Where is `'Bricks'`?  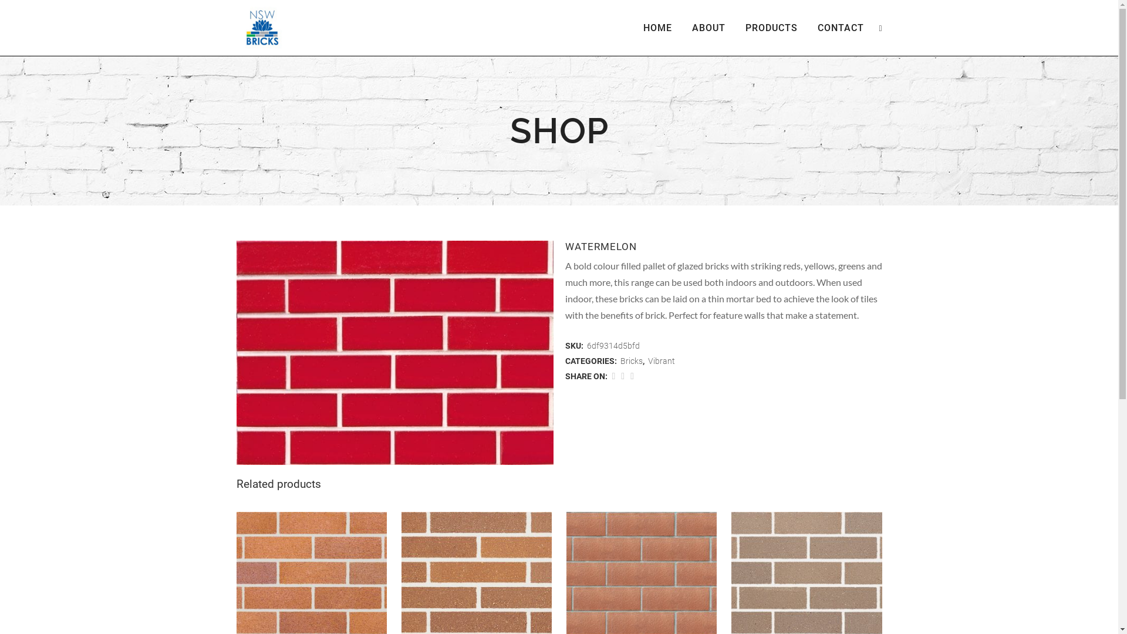 'Bricks' is located at coordinates (630, 360).